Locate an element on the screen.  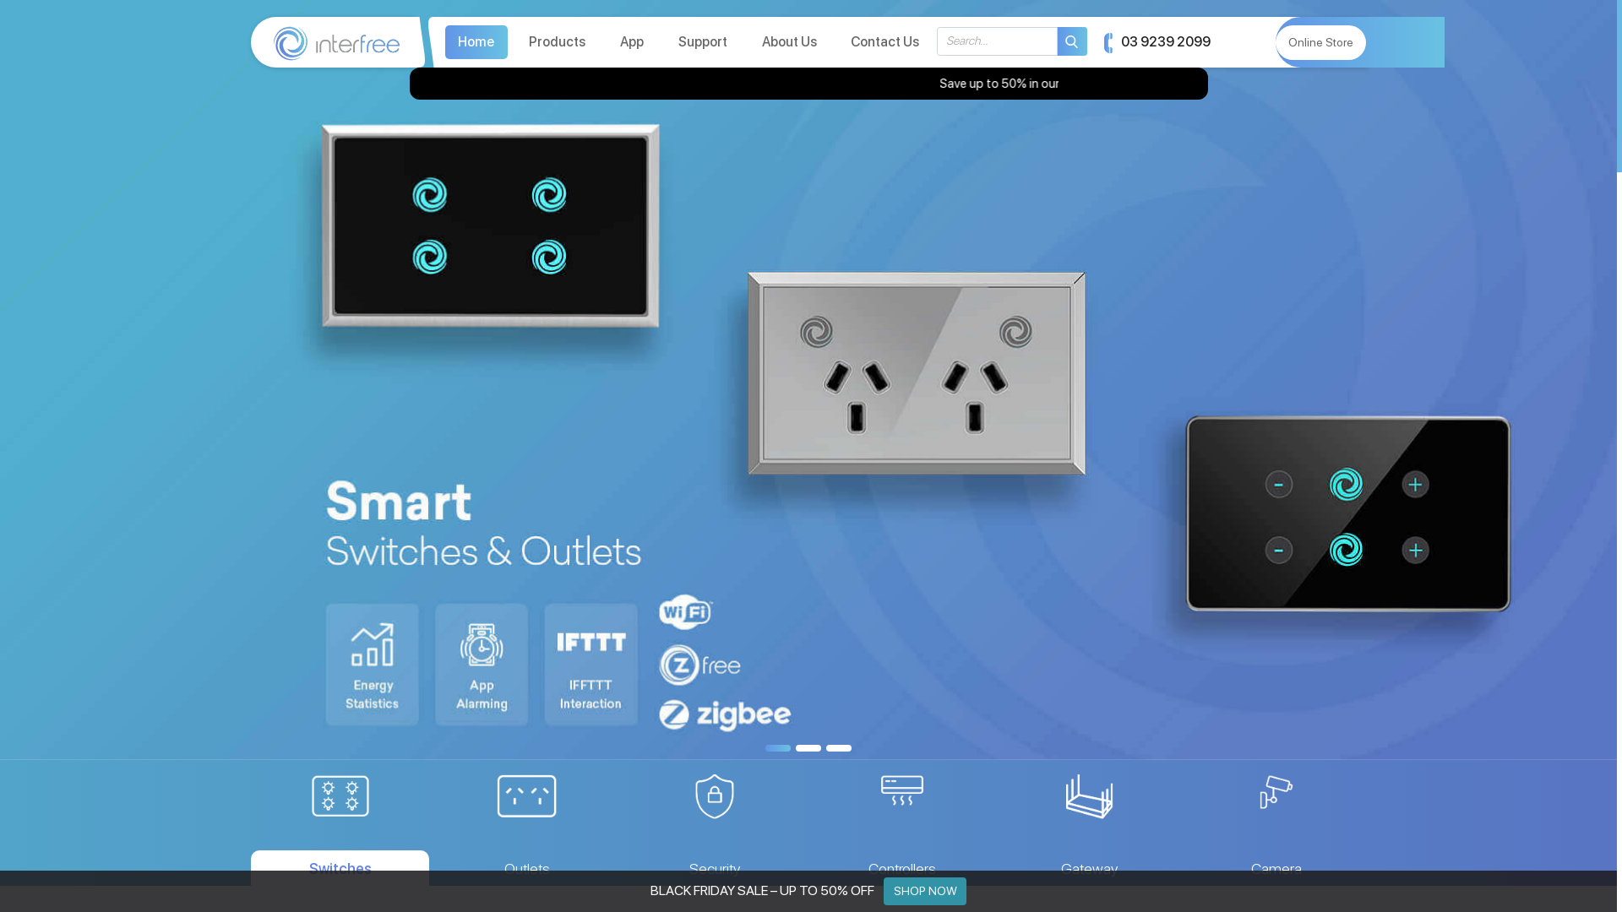
'About Us' is located at coordinates (788, 41).